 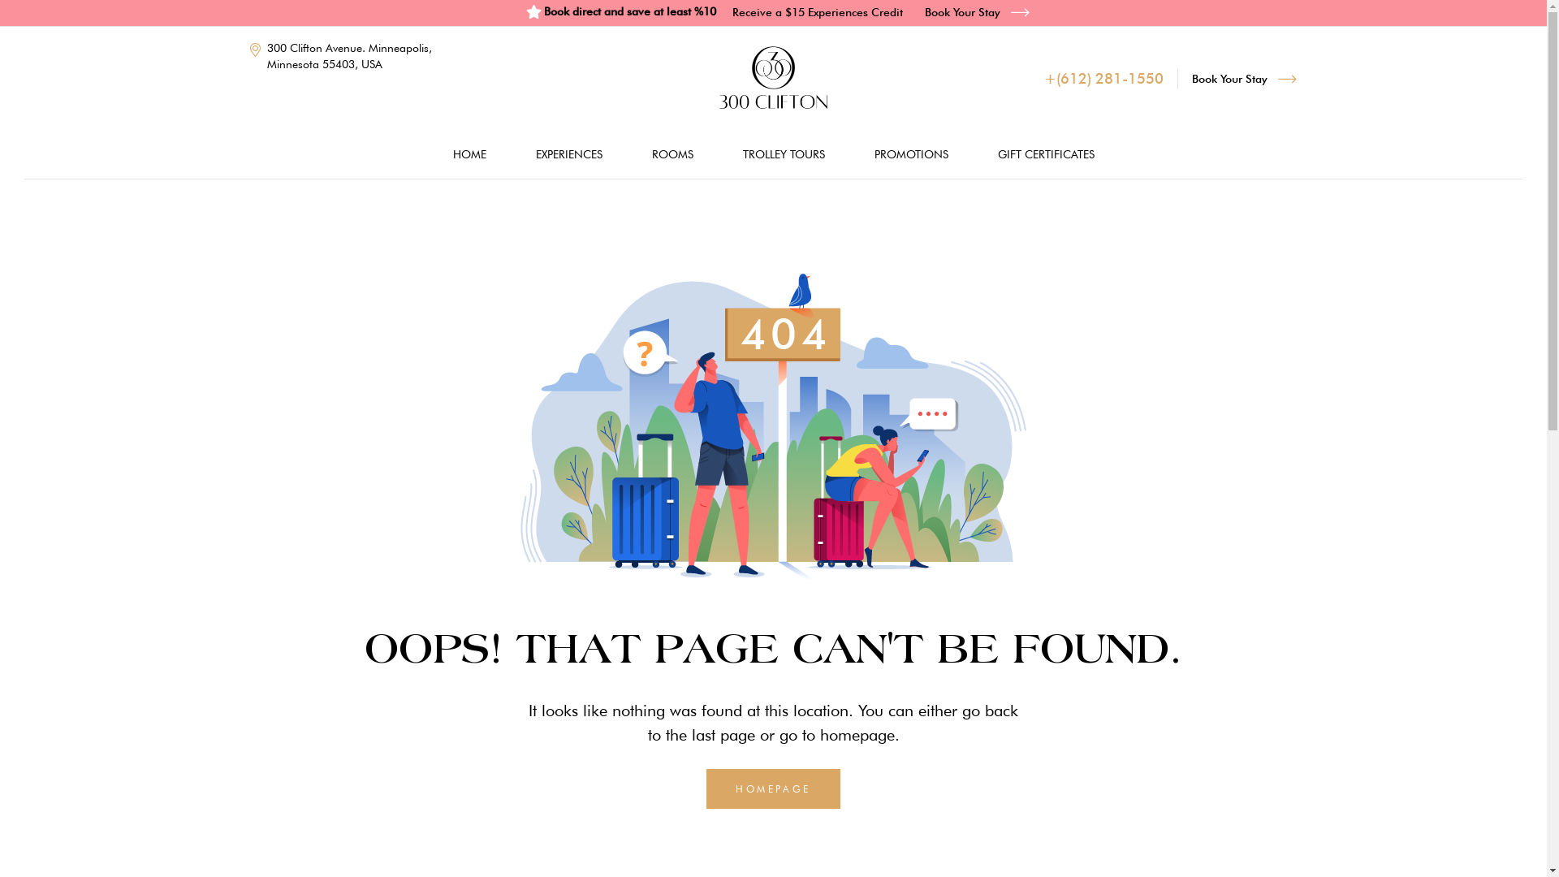 I want to click on 'GIFT CERTIFICATES', so click(x=1045, y=153).